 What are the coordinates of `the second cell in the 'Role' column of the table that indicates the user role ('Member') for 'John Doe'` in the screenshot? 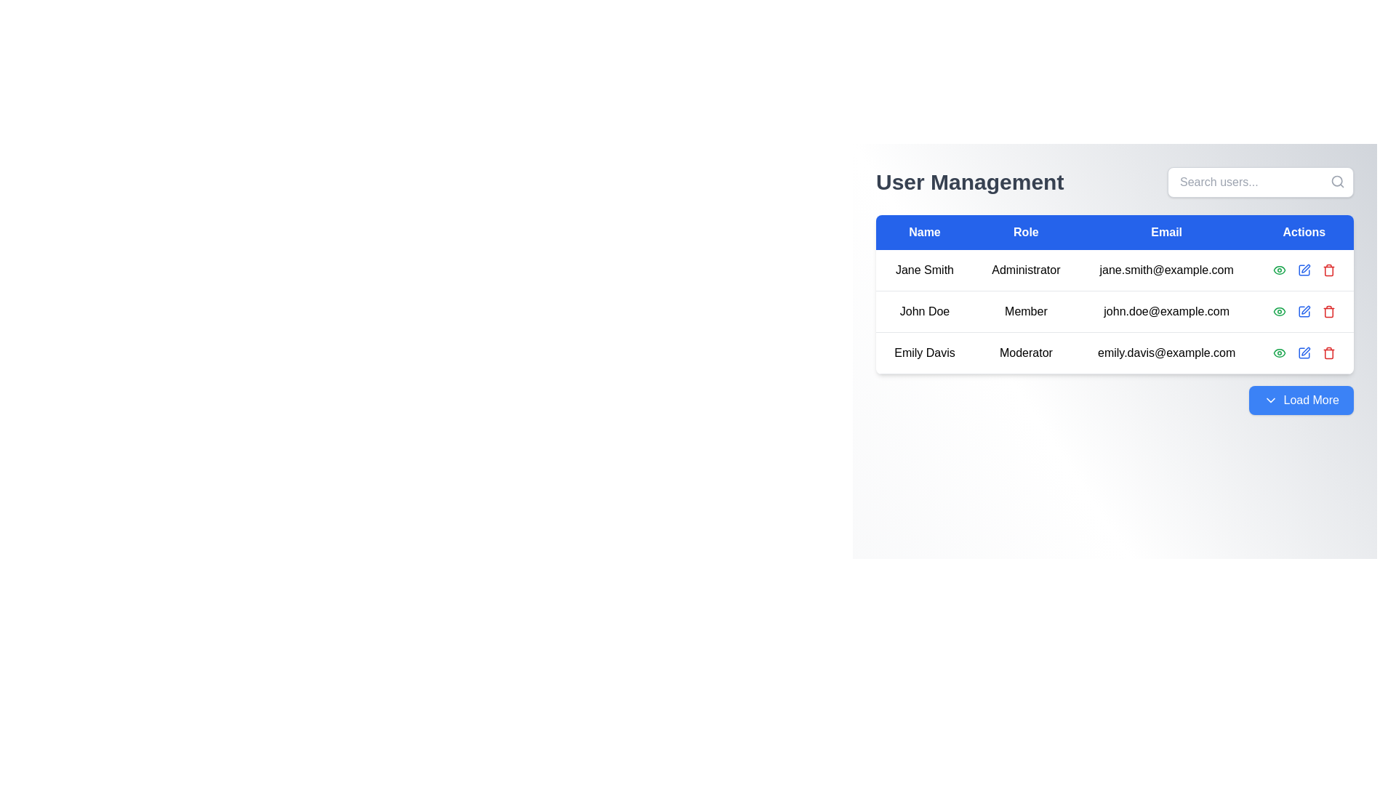 It's located at (1025, 310).